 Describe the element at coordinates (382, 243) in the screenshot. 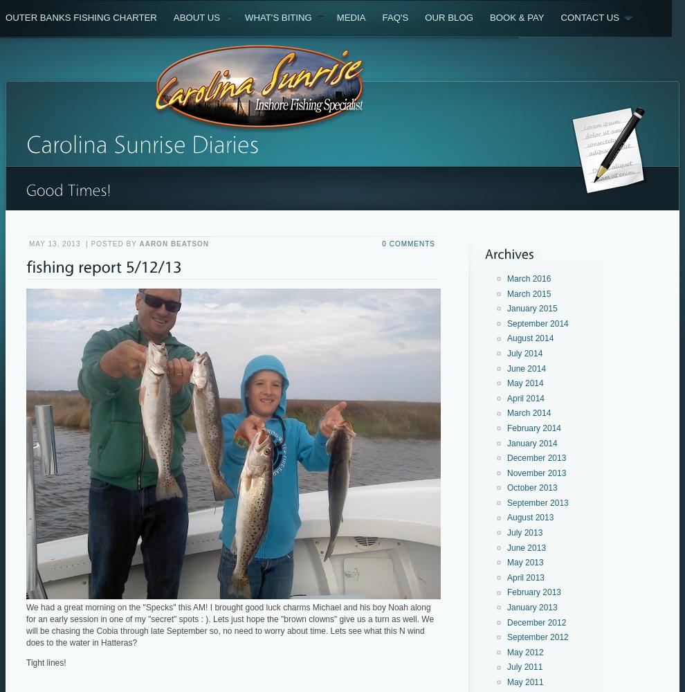

I see `'0 comments'` at that location.